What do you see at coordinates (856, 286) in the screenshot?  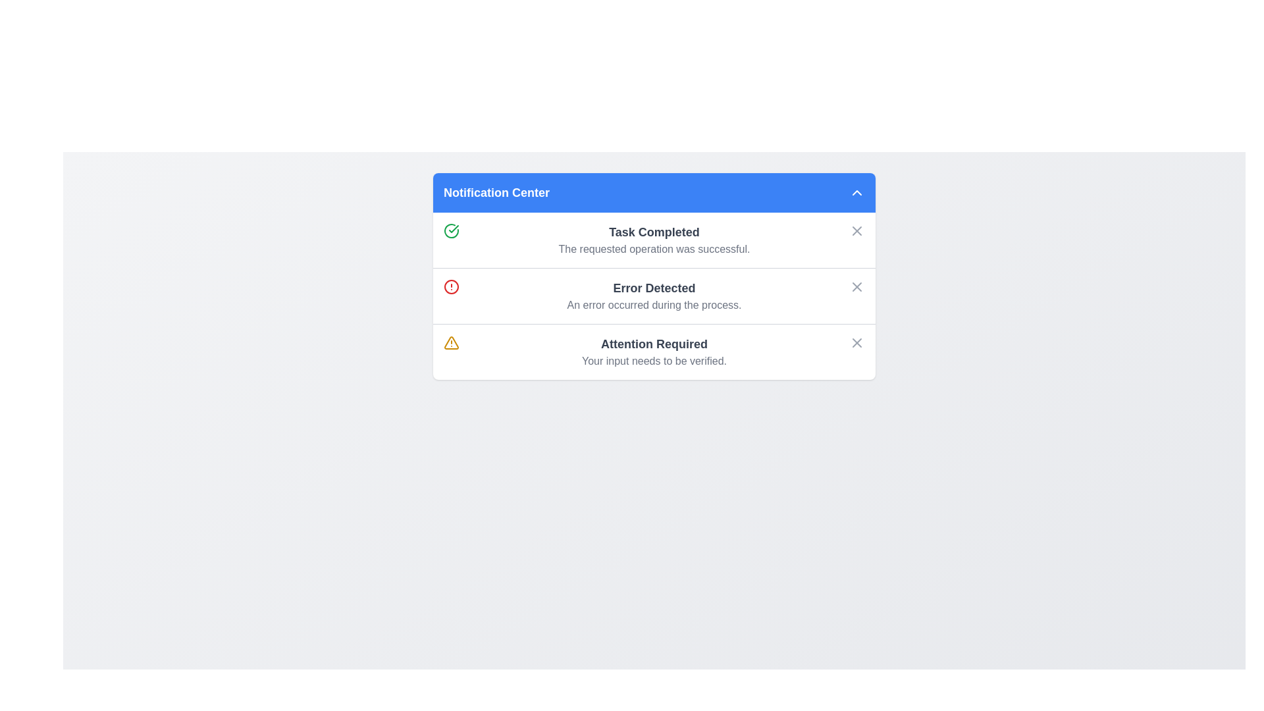 I see `the close button icon in the second row of the 'Error Detected' notifications` at bounding box center [856, 286].